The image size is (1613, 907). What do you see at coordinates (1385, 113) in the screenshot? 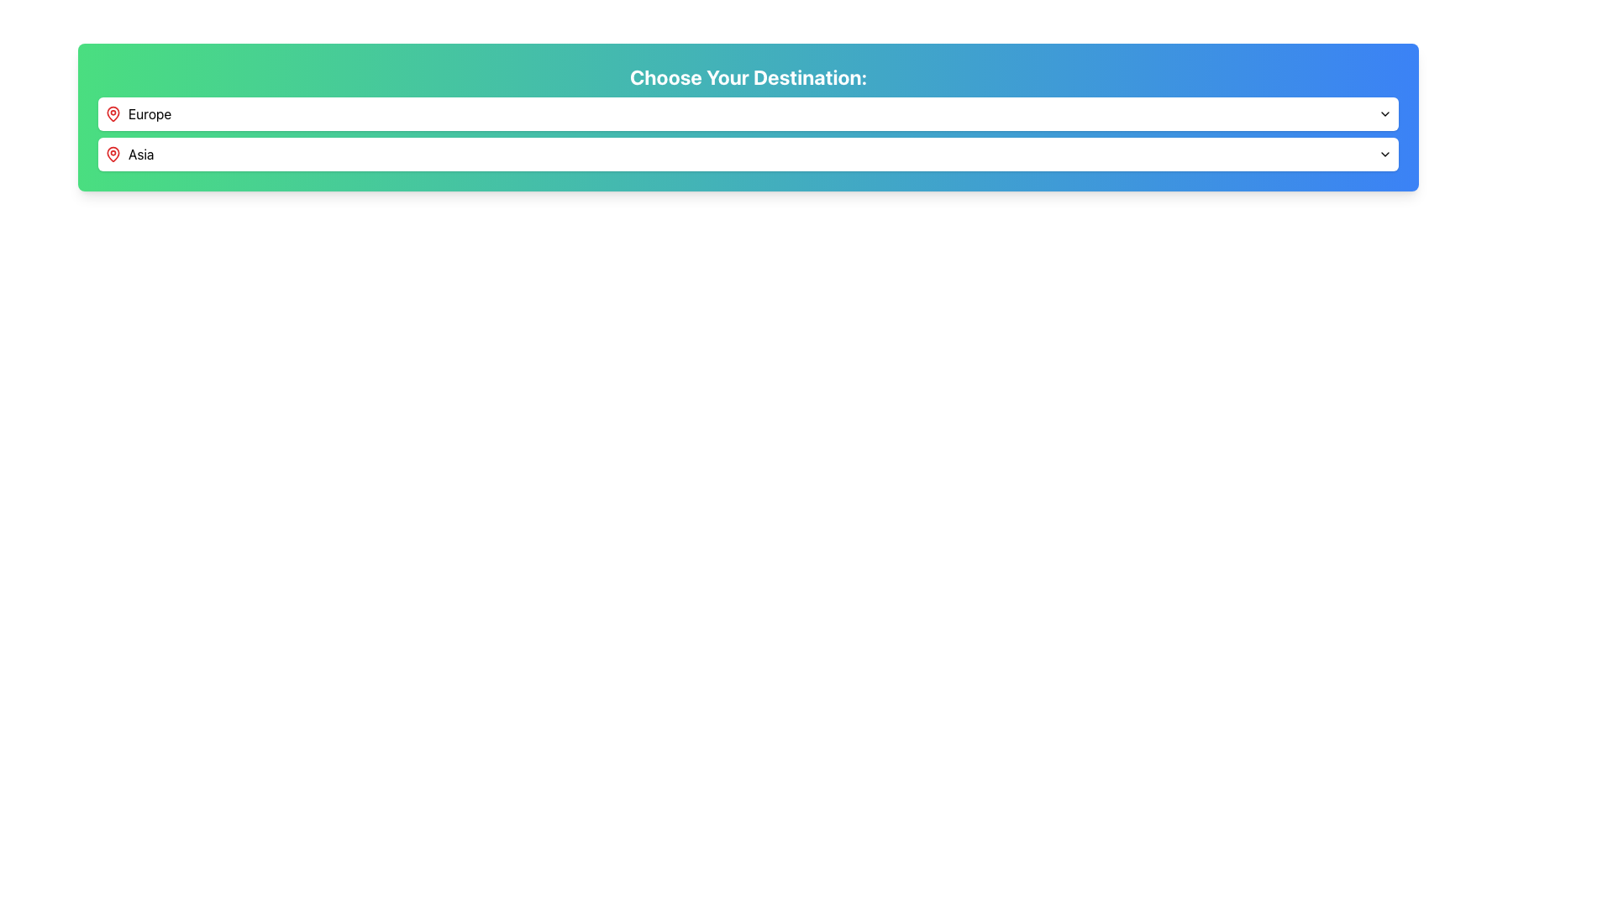
I see `the dropdown indicator icon located on the far right of the 'Europe' dropdown component to drop down options` at bounding box center [1385, 113].